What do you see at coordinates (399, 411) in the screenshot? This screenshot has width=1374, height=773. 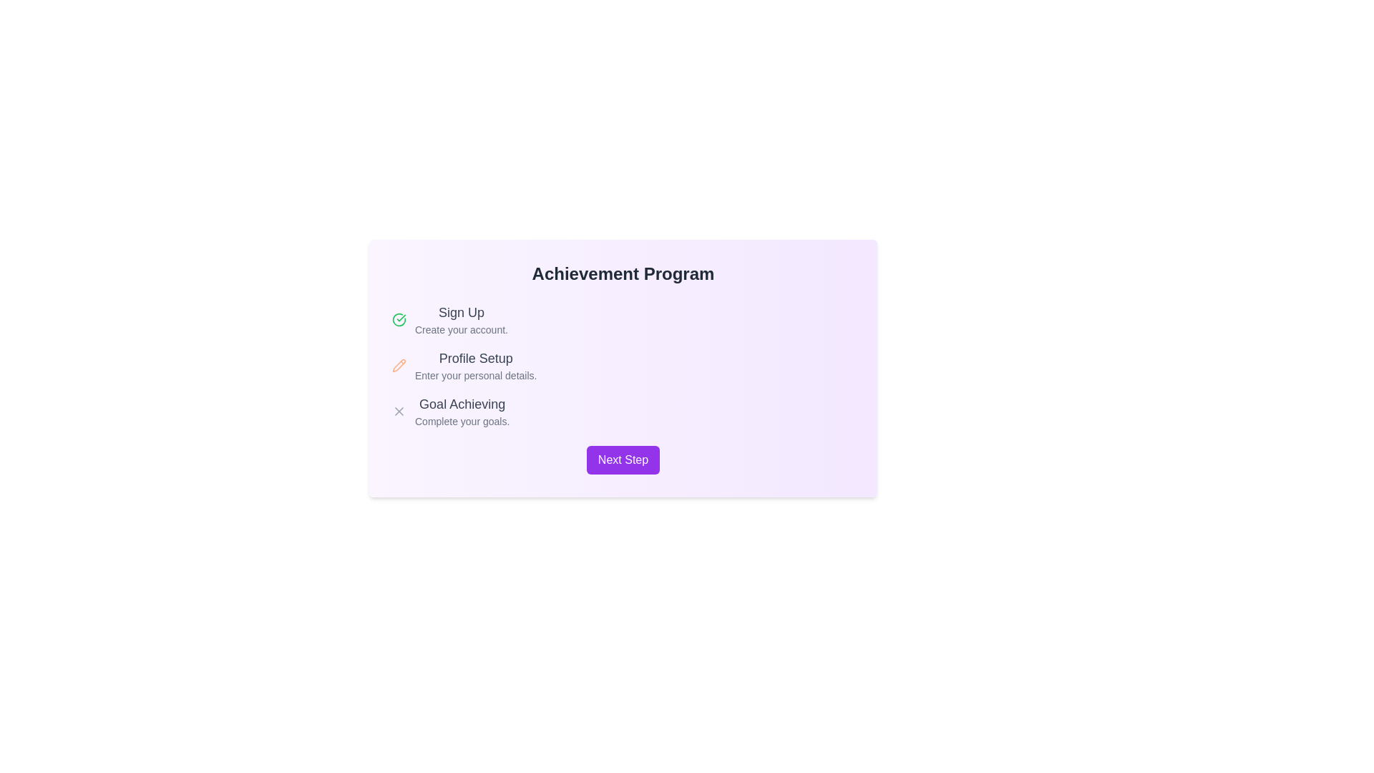 I see `the 'X' icon element that represents the state` at bounding box center [399, 411].